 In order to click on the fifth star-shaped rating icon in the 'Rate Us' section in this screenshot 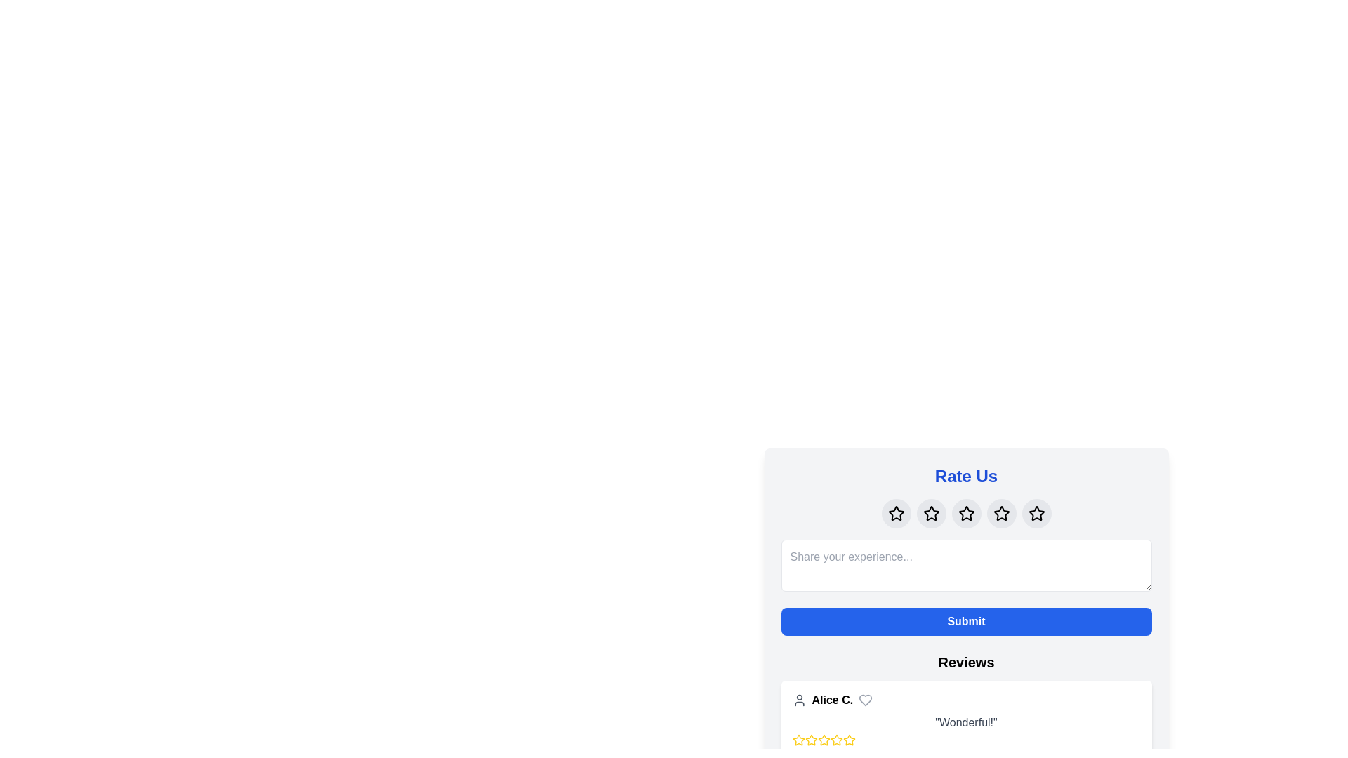, I will do `click(1036, 514)`.